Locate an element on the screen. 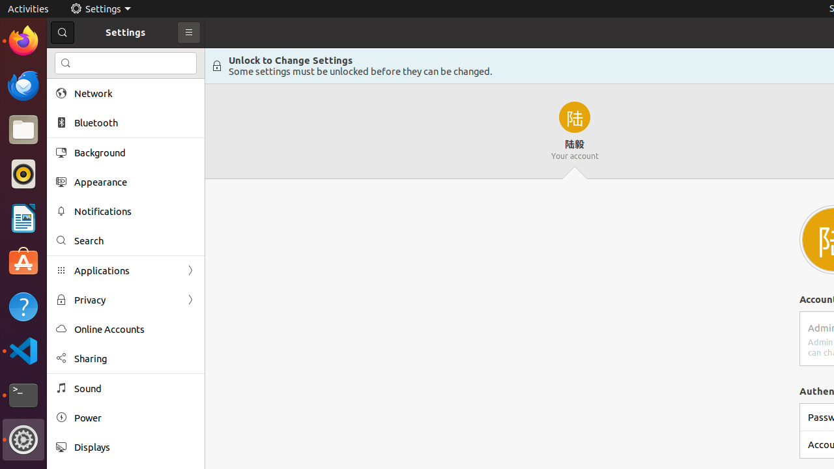 This screenshot has width=834, height=469. 'Background' is located at coordinates (134, 152).